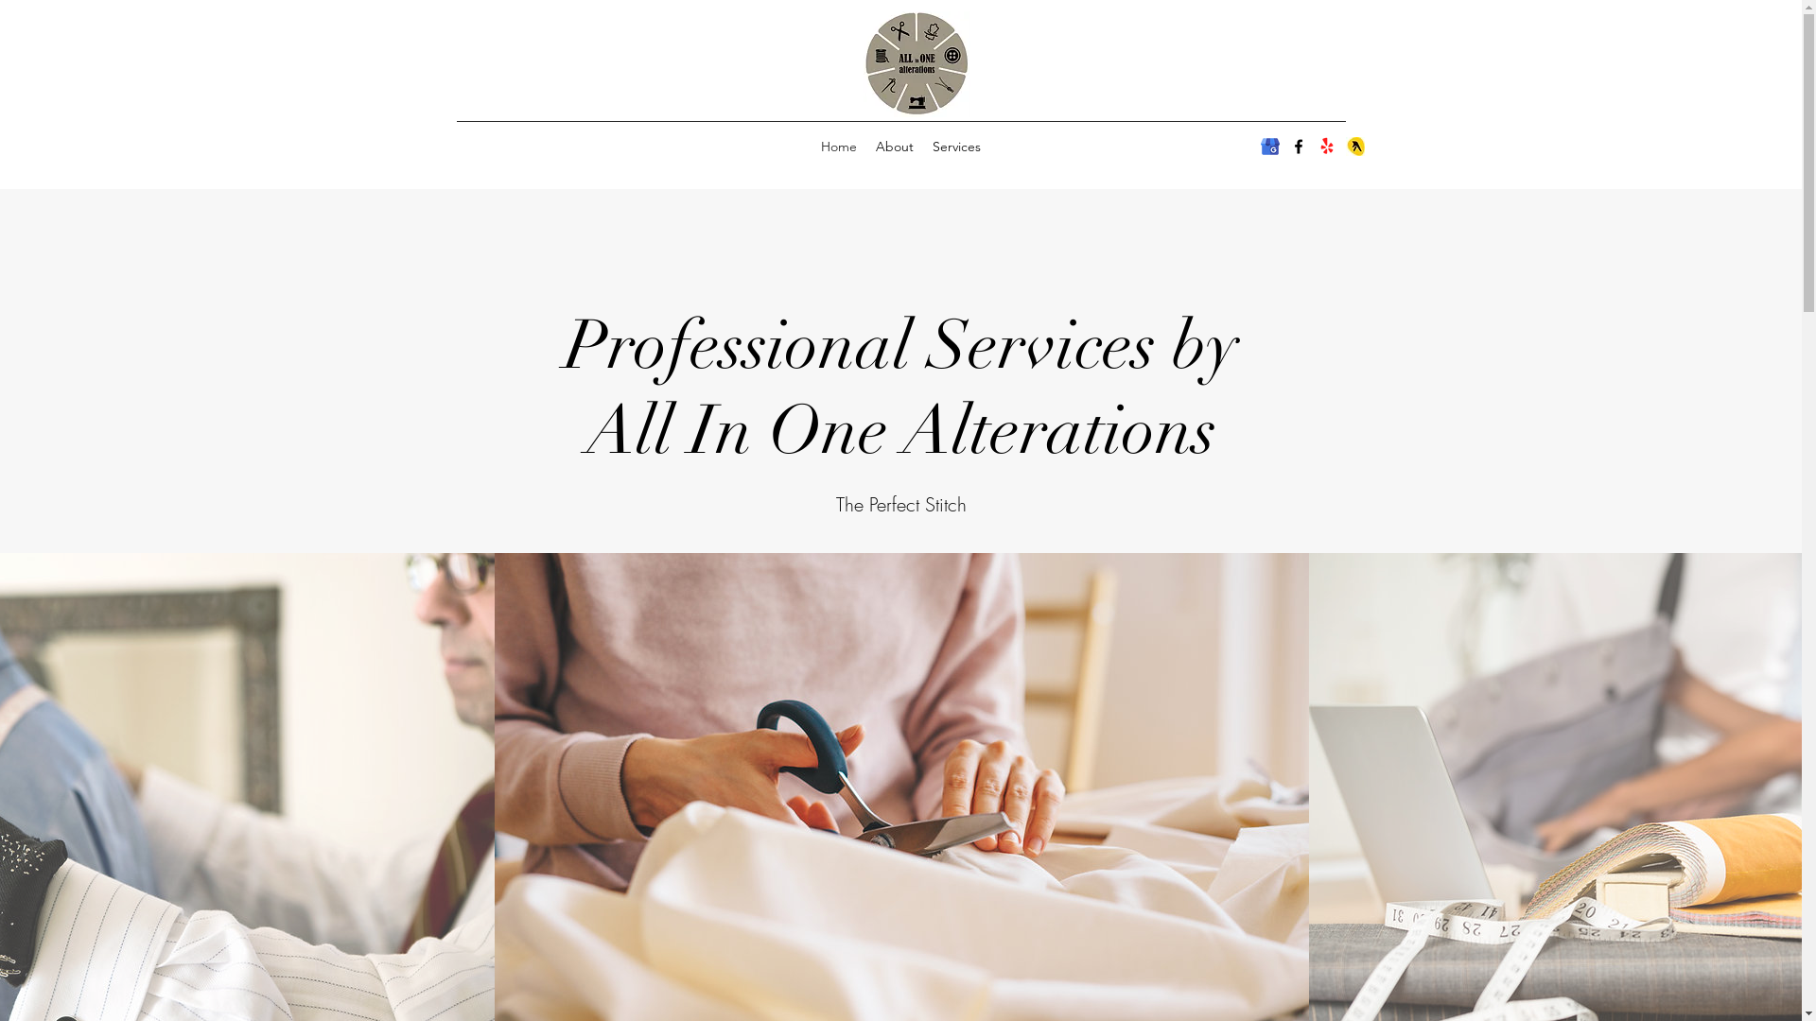 Image resolution: width=1816 pixels, height=1021 pixels. What do you see at coordinates (956, 145) in the screenshot?
I see `'Services'` at bounding box center [956, 145].